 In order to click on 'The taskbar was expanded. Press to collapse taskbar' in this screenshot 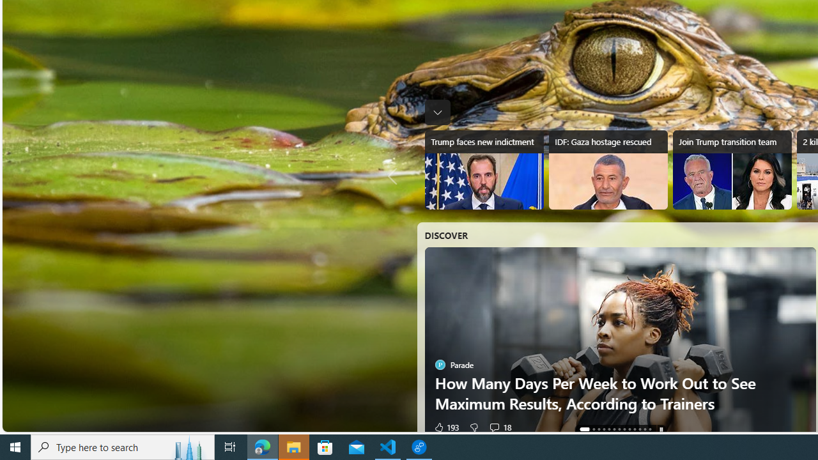, I will do `click(437, 112)`.